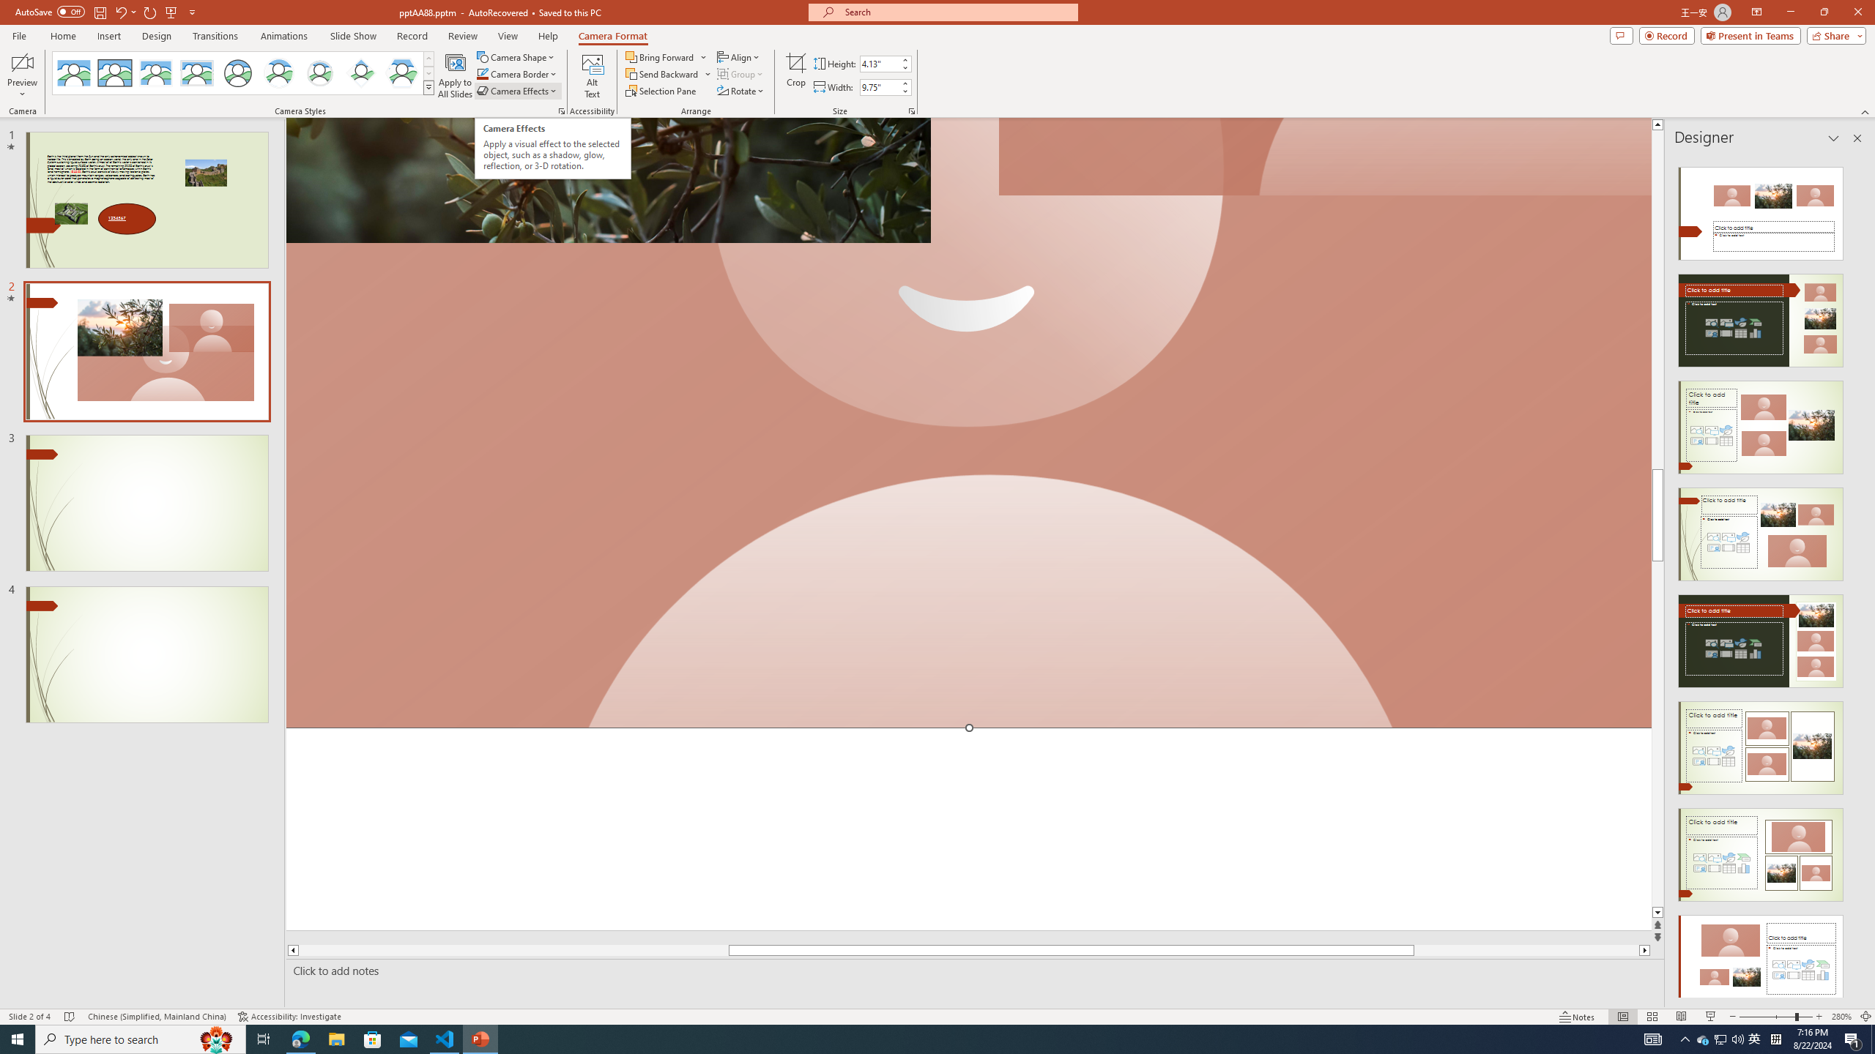 Image resolution: width=1875 pixels, height=1054 pixels. What do you see at coordinates (971, 970) in the screenshot?
I see `'Slide Notes'` at bounding box center [971, 970].